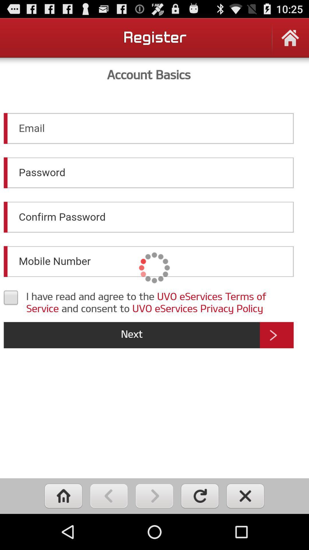  I want to click on previous, so click(109, 496).